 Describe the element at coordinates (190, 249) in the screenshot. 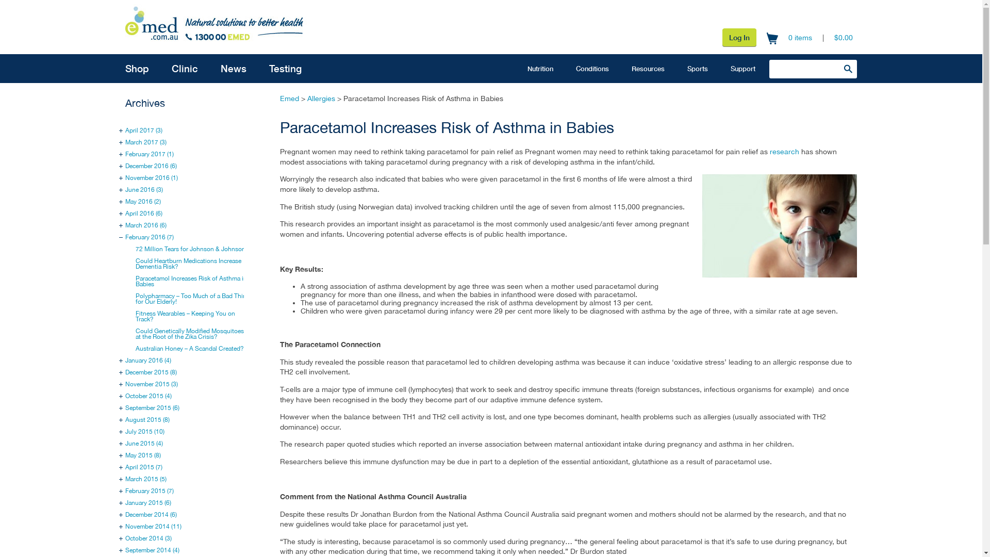

I see `'72 Million Tears for Johnson & Johnson'` at that location.